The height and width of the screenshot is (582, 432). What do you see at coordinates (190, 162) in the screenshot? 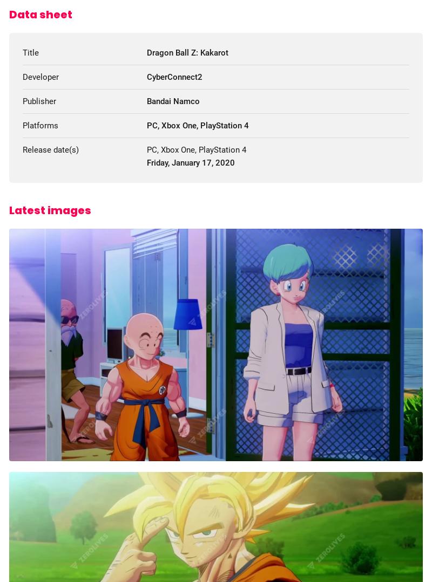
I see `'Friday, January 17, 2020'` at bounding box center [190, 162].